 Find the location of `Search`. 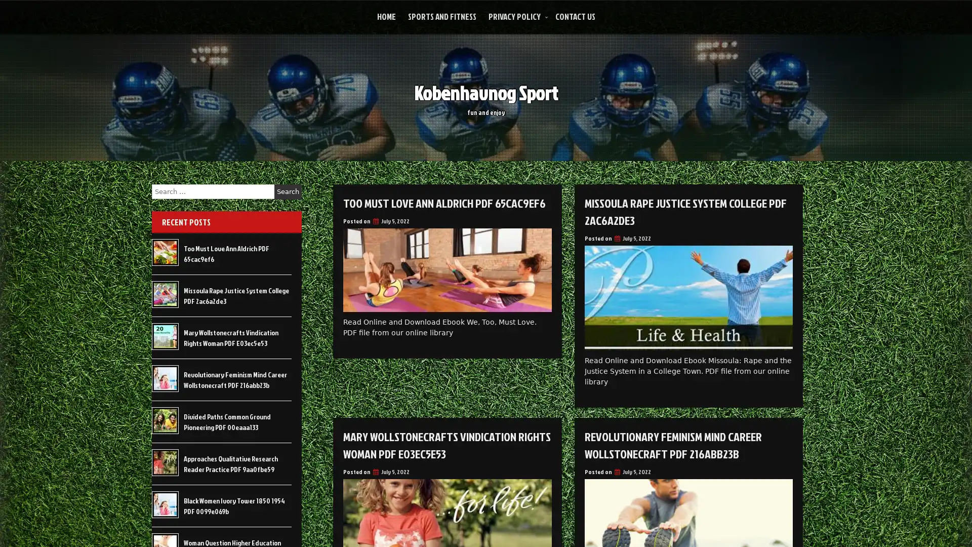

Search is located at coordinates (288, 191).